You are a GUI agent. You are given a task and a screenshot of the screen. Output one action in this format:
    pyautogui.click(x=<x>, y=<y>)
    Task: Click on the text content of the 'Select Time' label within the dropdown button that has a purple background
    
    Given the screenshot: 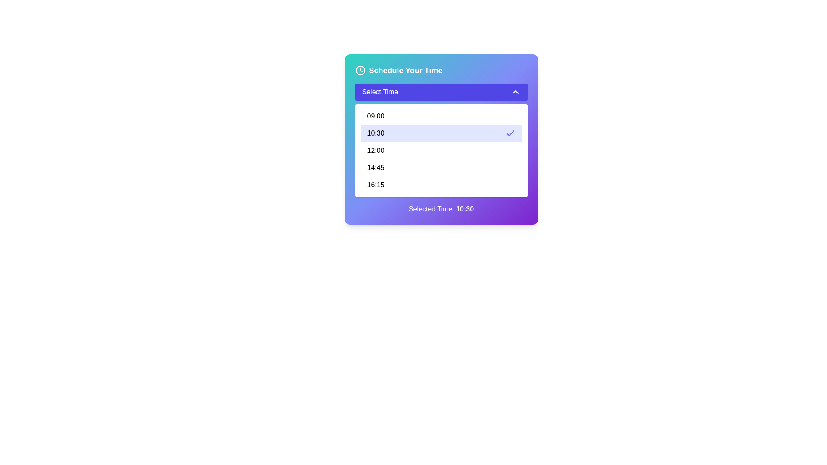 What is the action you would take?
    pyautogui.click(x=379, y=92)
    